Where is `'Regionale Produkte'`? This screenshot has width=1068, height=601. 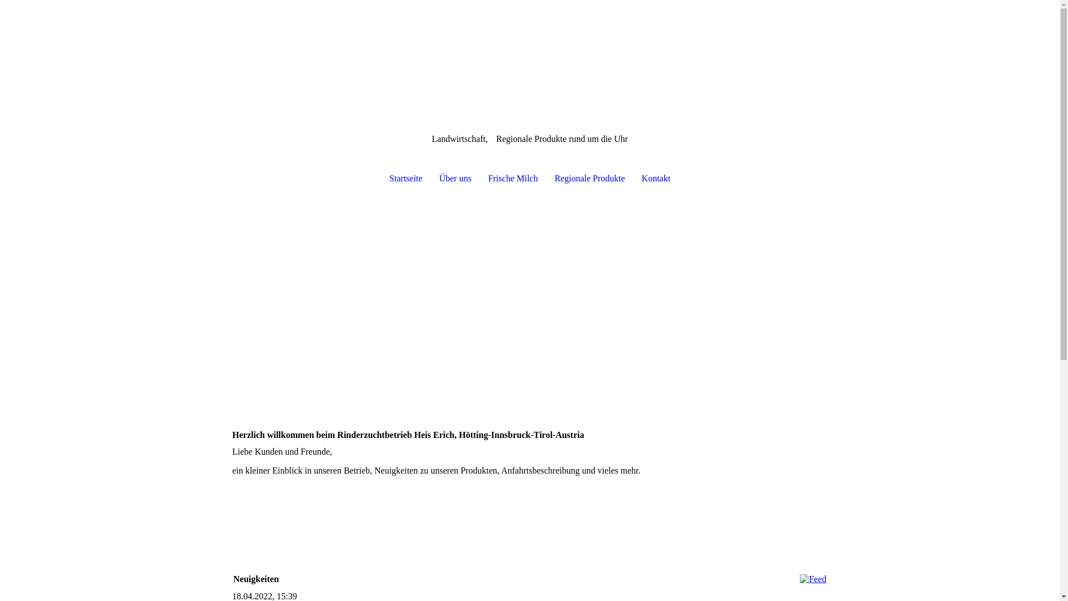
'Regionale Produkte' is located at coordinates (546, 178).